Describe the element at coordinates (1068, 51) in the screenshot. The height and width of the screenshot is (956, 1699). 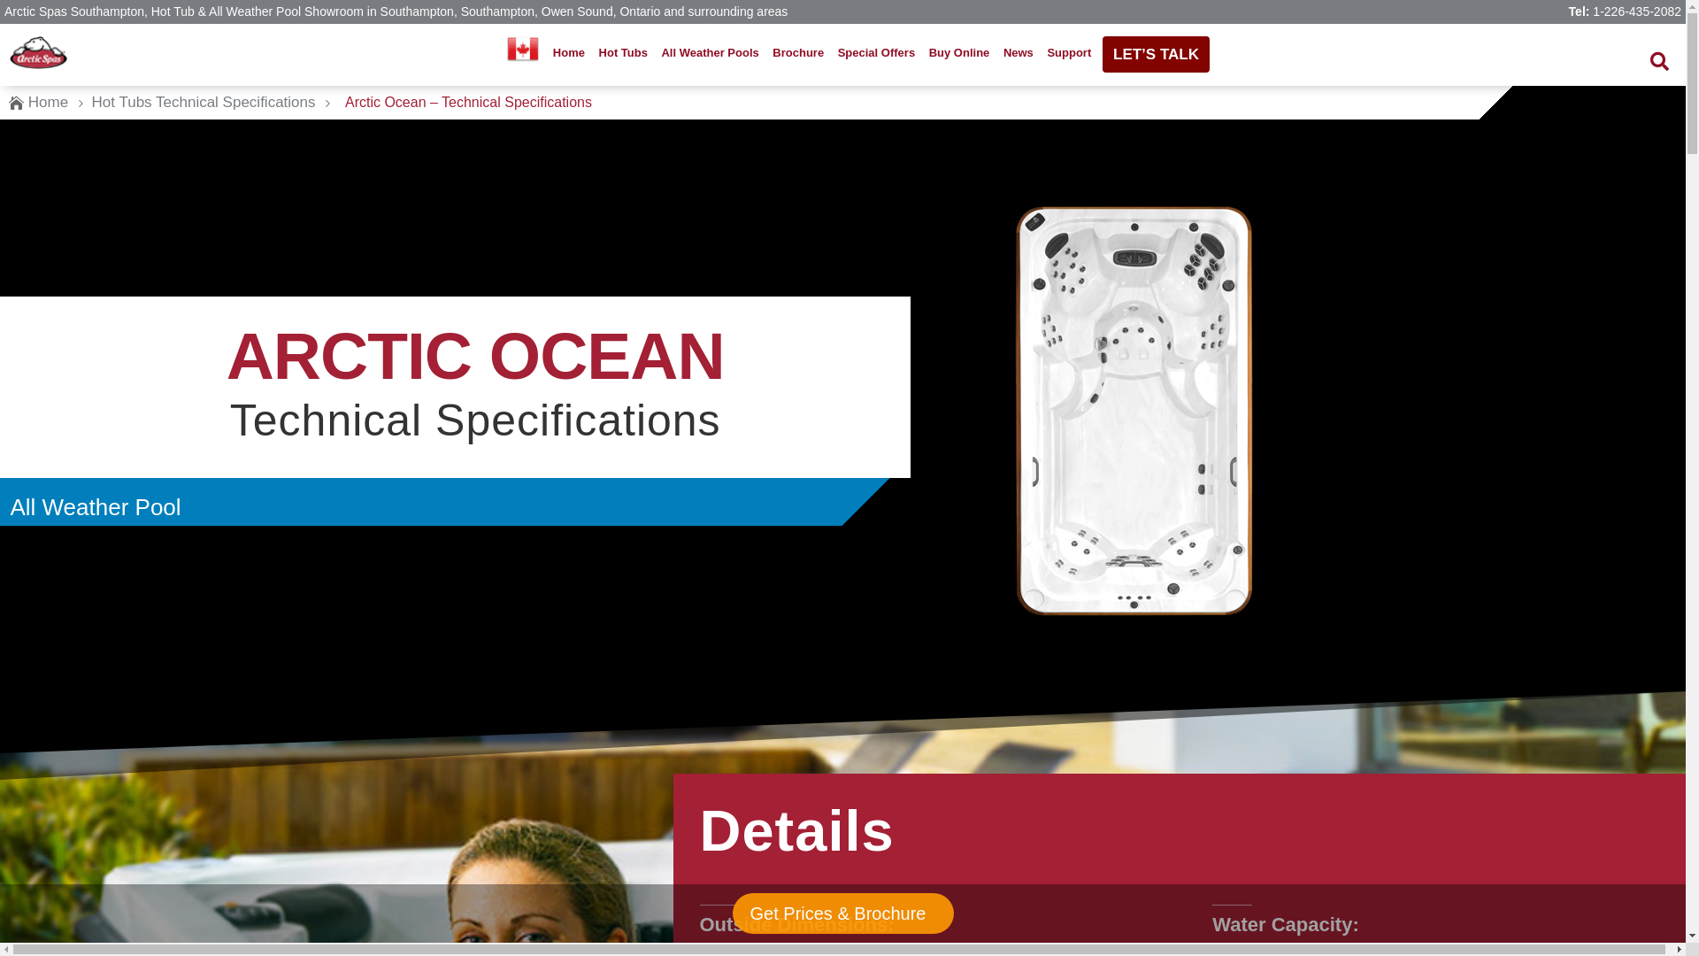
I see `'Support'` at that location.